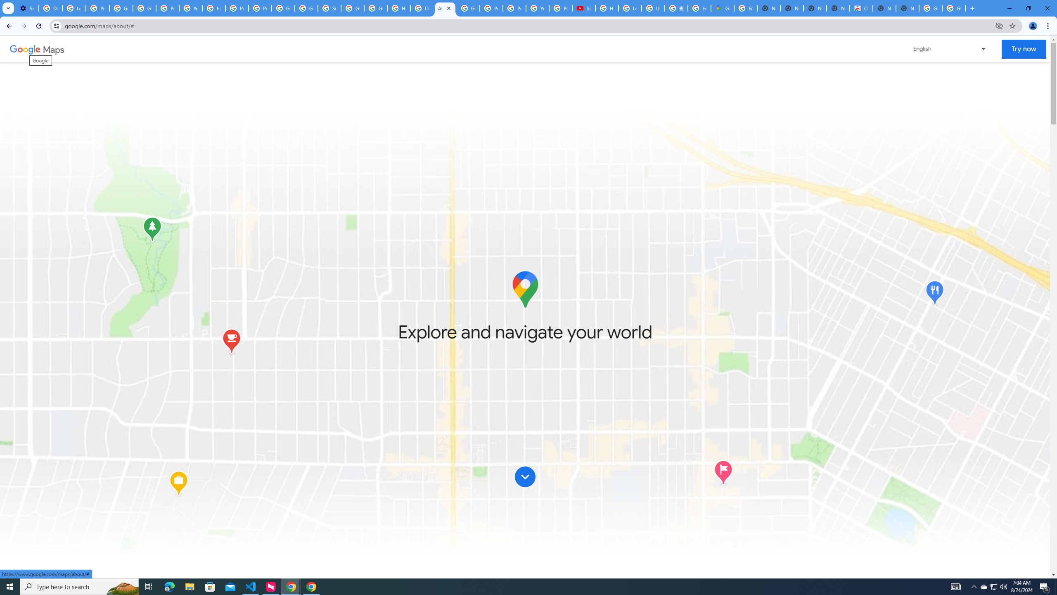 The width and height of the screenshot is (1057, 595). What do you see at coordinates (190, 8) in the screenshot?
I see `'YouTube'` at bounding box center [190, 8].